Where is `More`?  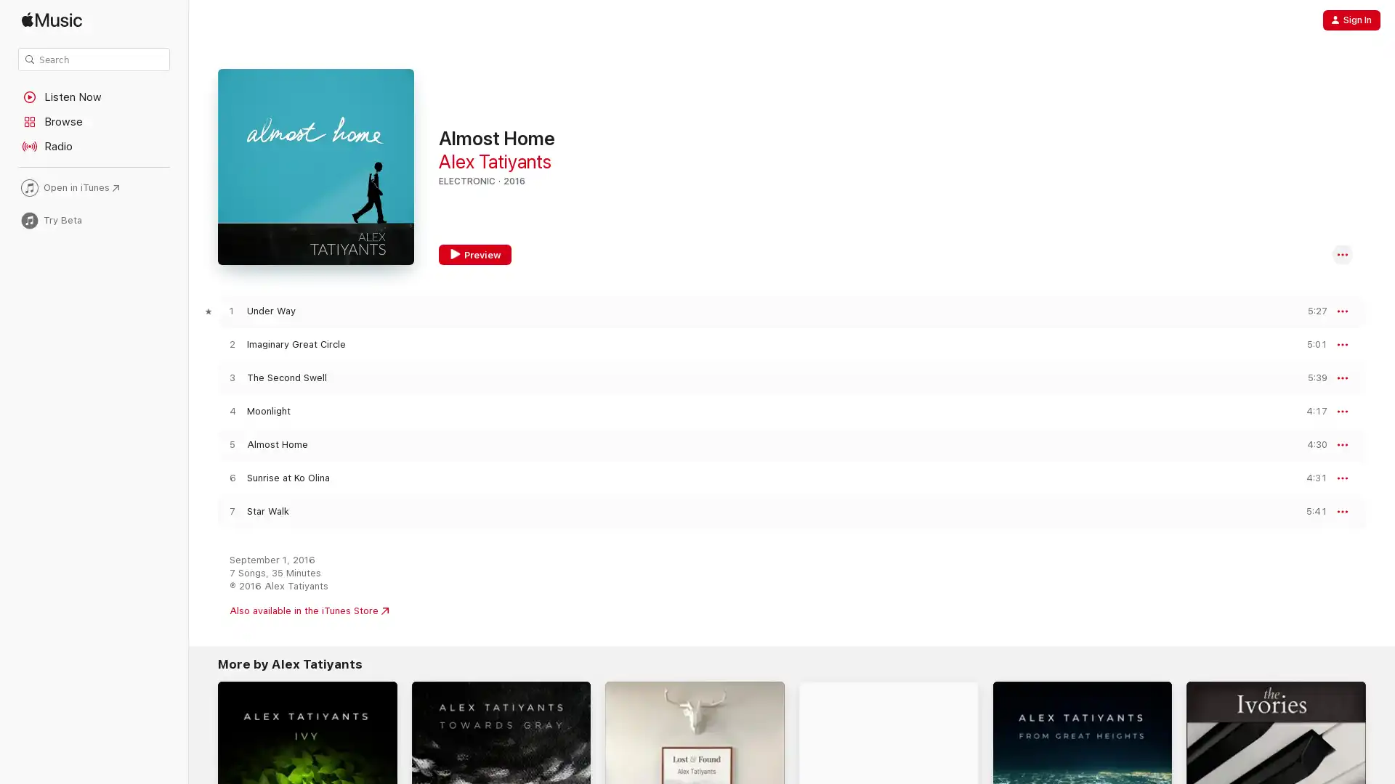
More is located at coordinates (1342, 254).